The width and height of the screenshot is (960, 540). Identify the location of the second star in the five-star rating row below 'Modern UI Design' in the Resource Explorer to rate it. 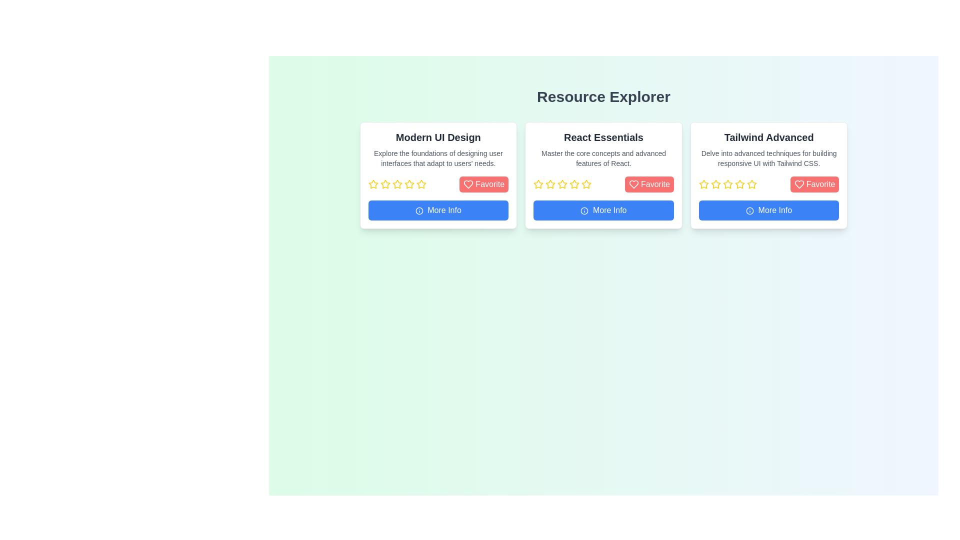
(421, 184).